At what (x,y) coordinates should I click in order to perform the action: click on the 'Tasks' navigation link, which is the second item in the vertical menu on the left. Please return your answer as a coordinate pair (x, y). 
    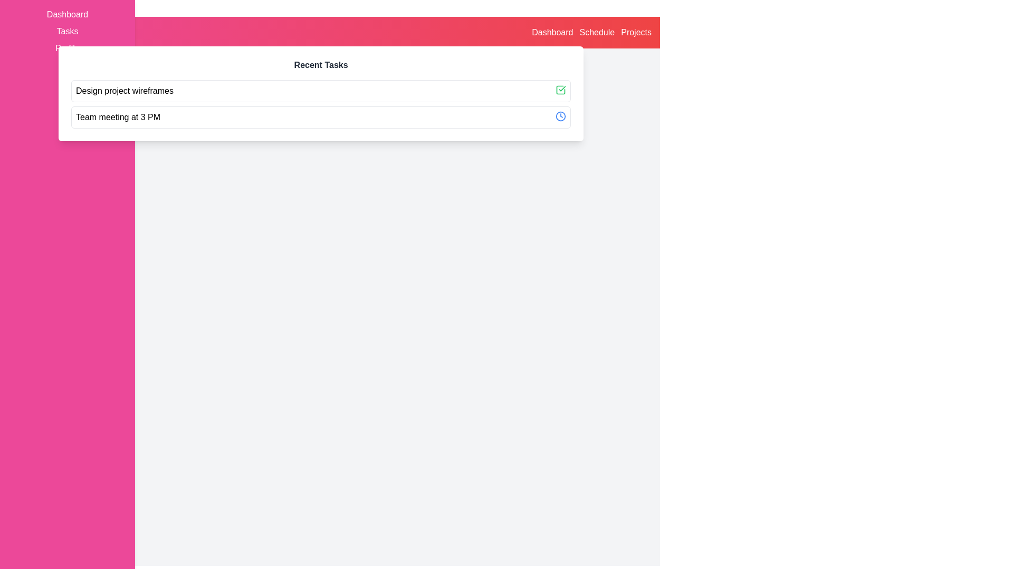
    Looking at the image, I should click on (67, 31).